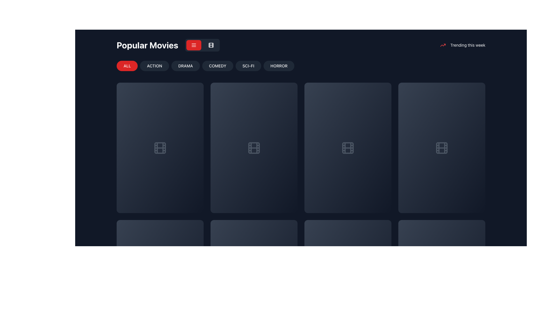  I want to click on the first movie card in the grid layout, so click(160, 147).